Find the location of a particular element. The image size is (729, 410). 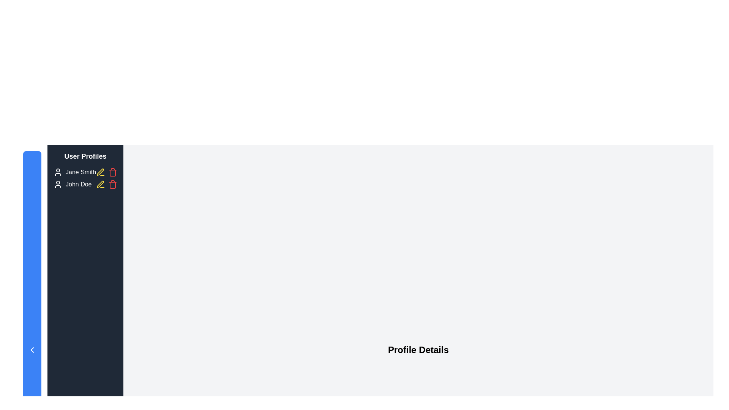

the 'User Profiles' text label located at the top of the dark sidebar to interact with adjacent interactive elements if necessary is located at coordinates (85, 156).